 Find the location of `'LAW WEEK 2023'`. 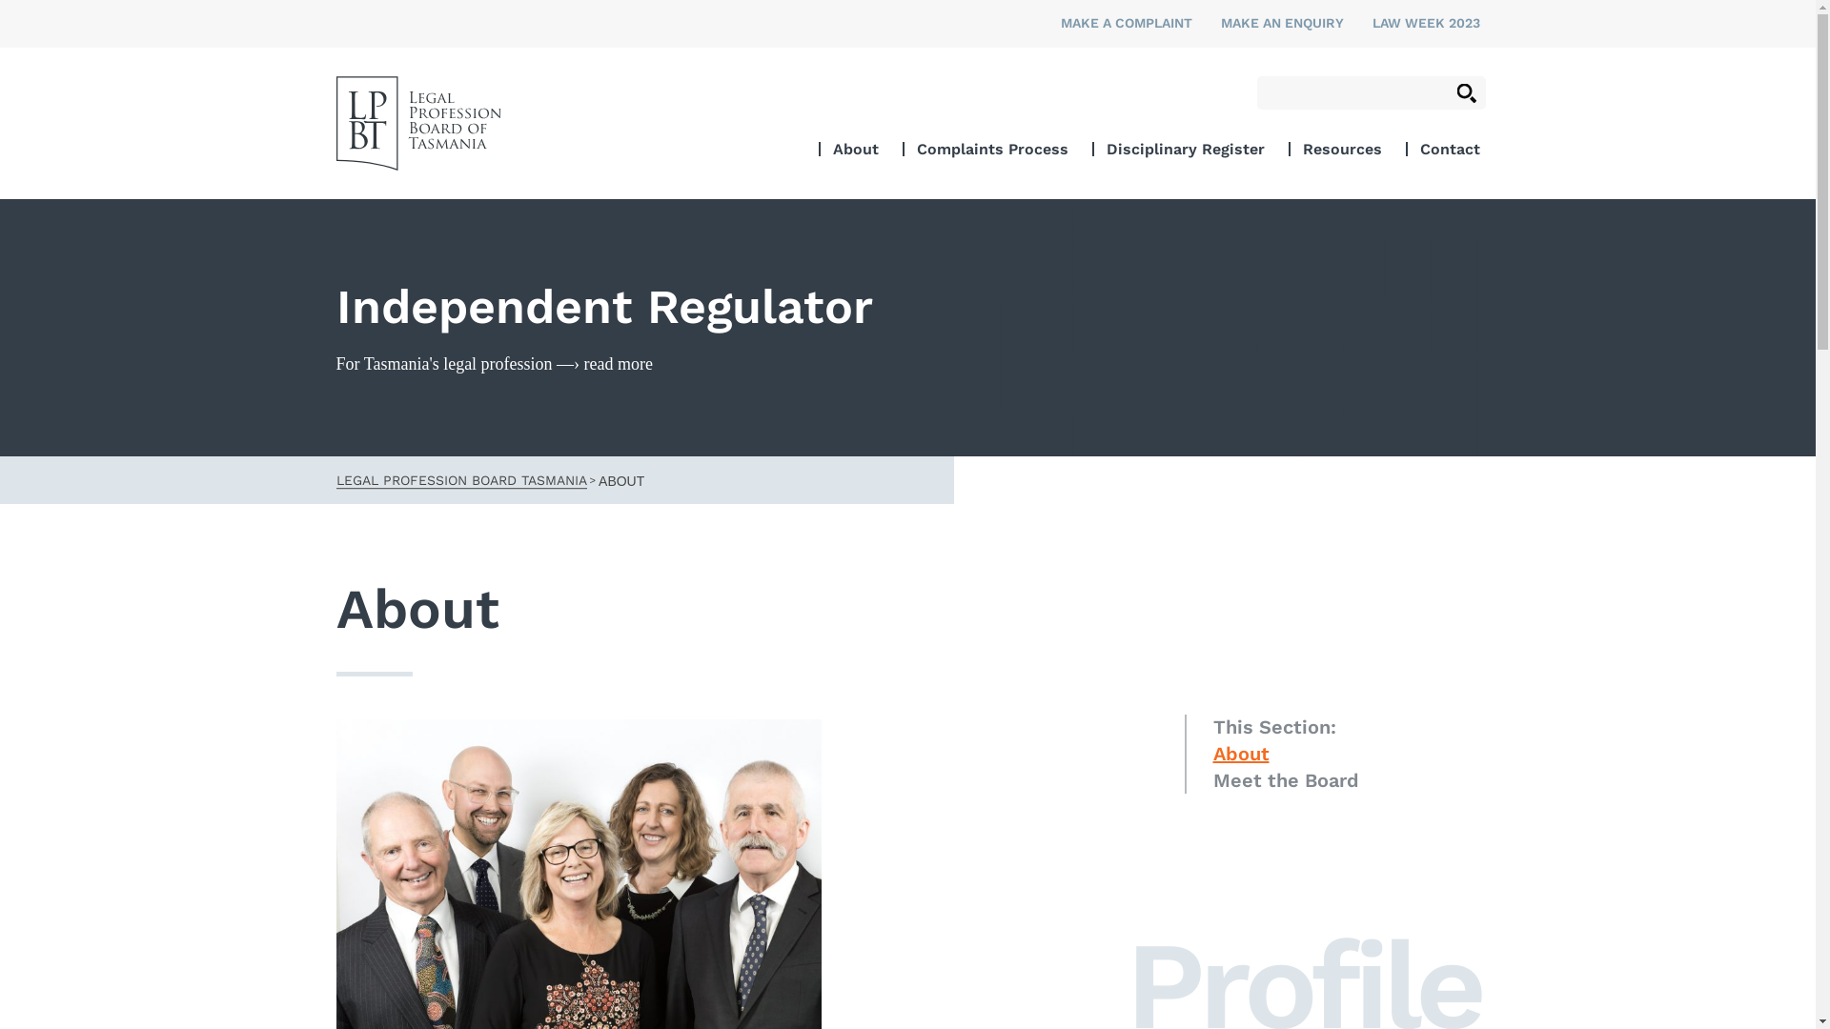

'LAW WEEK 2023' is located at coordinates (1426, 22).